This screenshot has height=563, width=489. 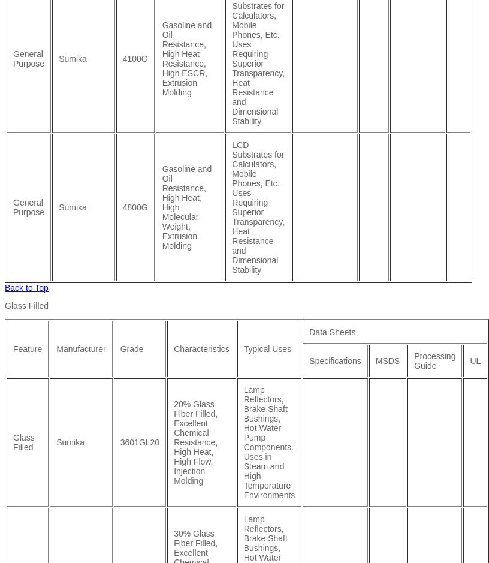 What do you see at coordinates (161, 58) in the screenshot?
I see `'Gasoline and Oil Resistance, High Heat Resistance, High ESCR, Extrusion Molding'` at bounding box center [161, 58].